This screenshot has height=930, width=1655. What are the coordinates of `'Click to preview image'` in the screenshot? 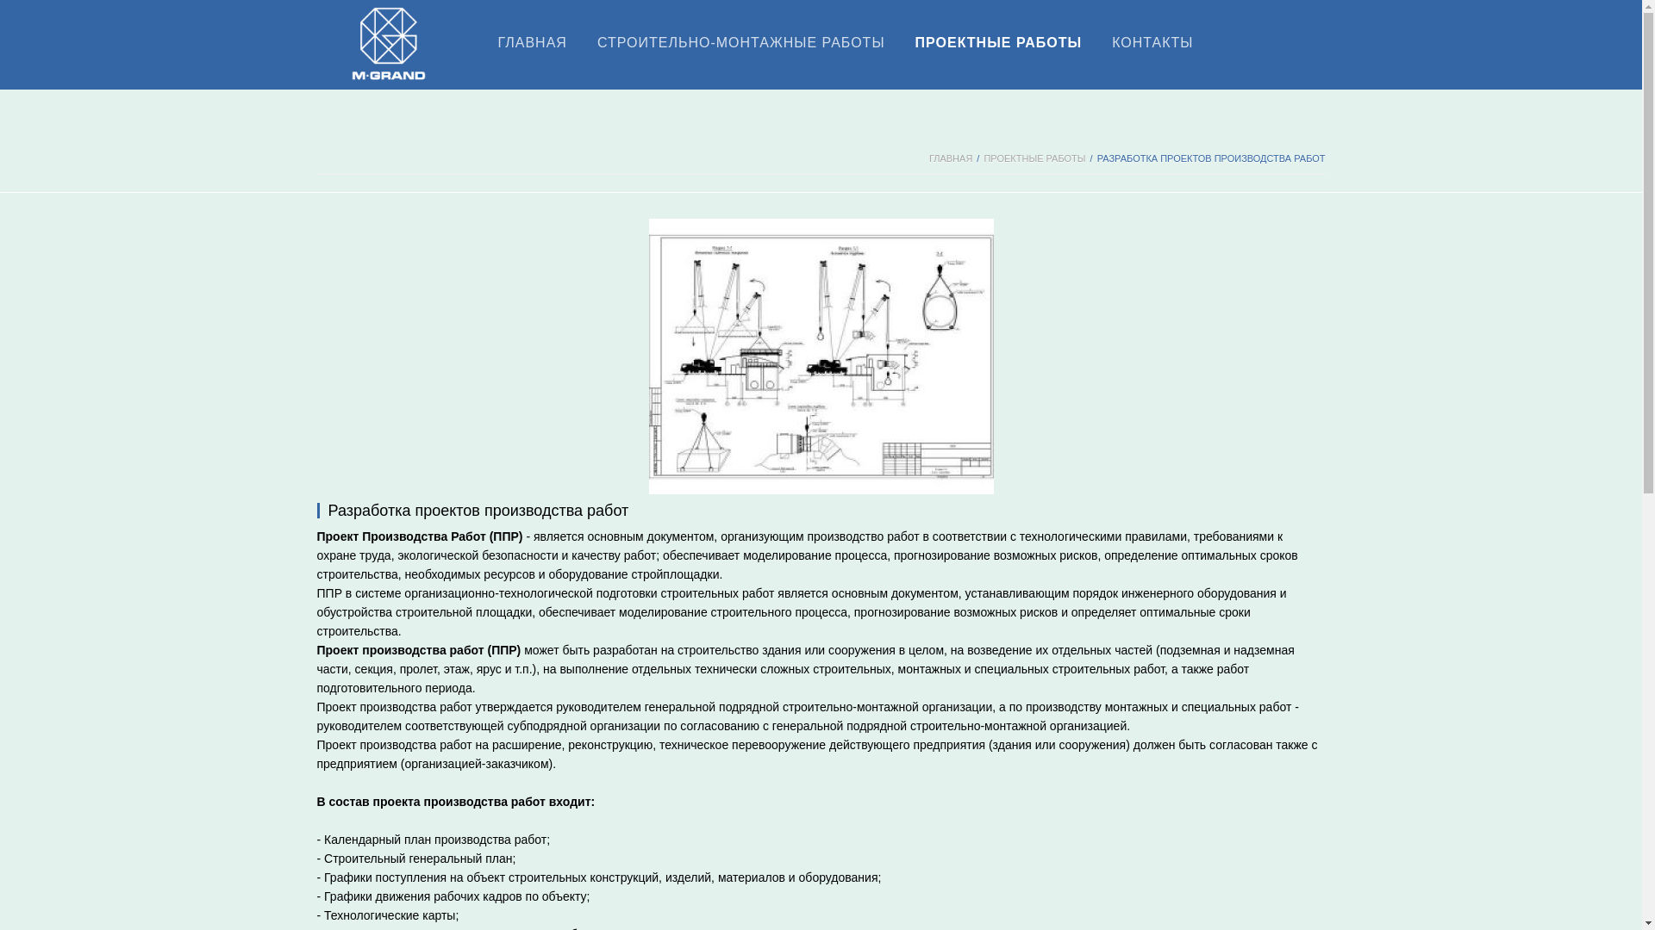 It's located at (819, 354).